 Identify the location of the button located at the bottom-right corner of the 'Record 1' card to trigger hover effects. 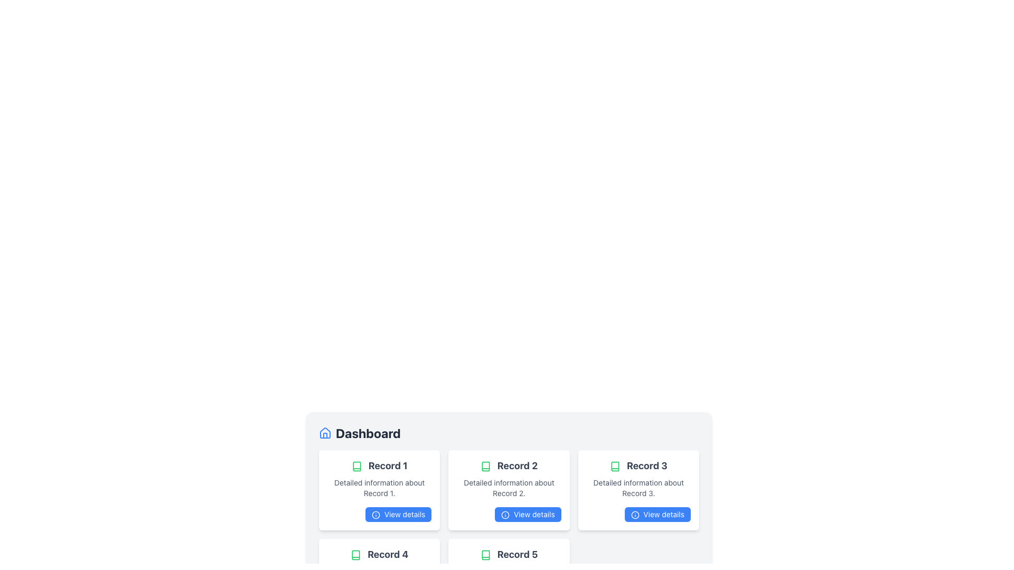
(379, 514).